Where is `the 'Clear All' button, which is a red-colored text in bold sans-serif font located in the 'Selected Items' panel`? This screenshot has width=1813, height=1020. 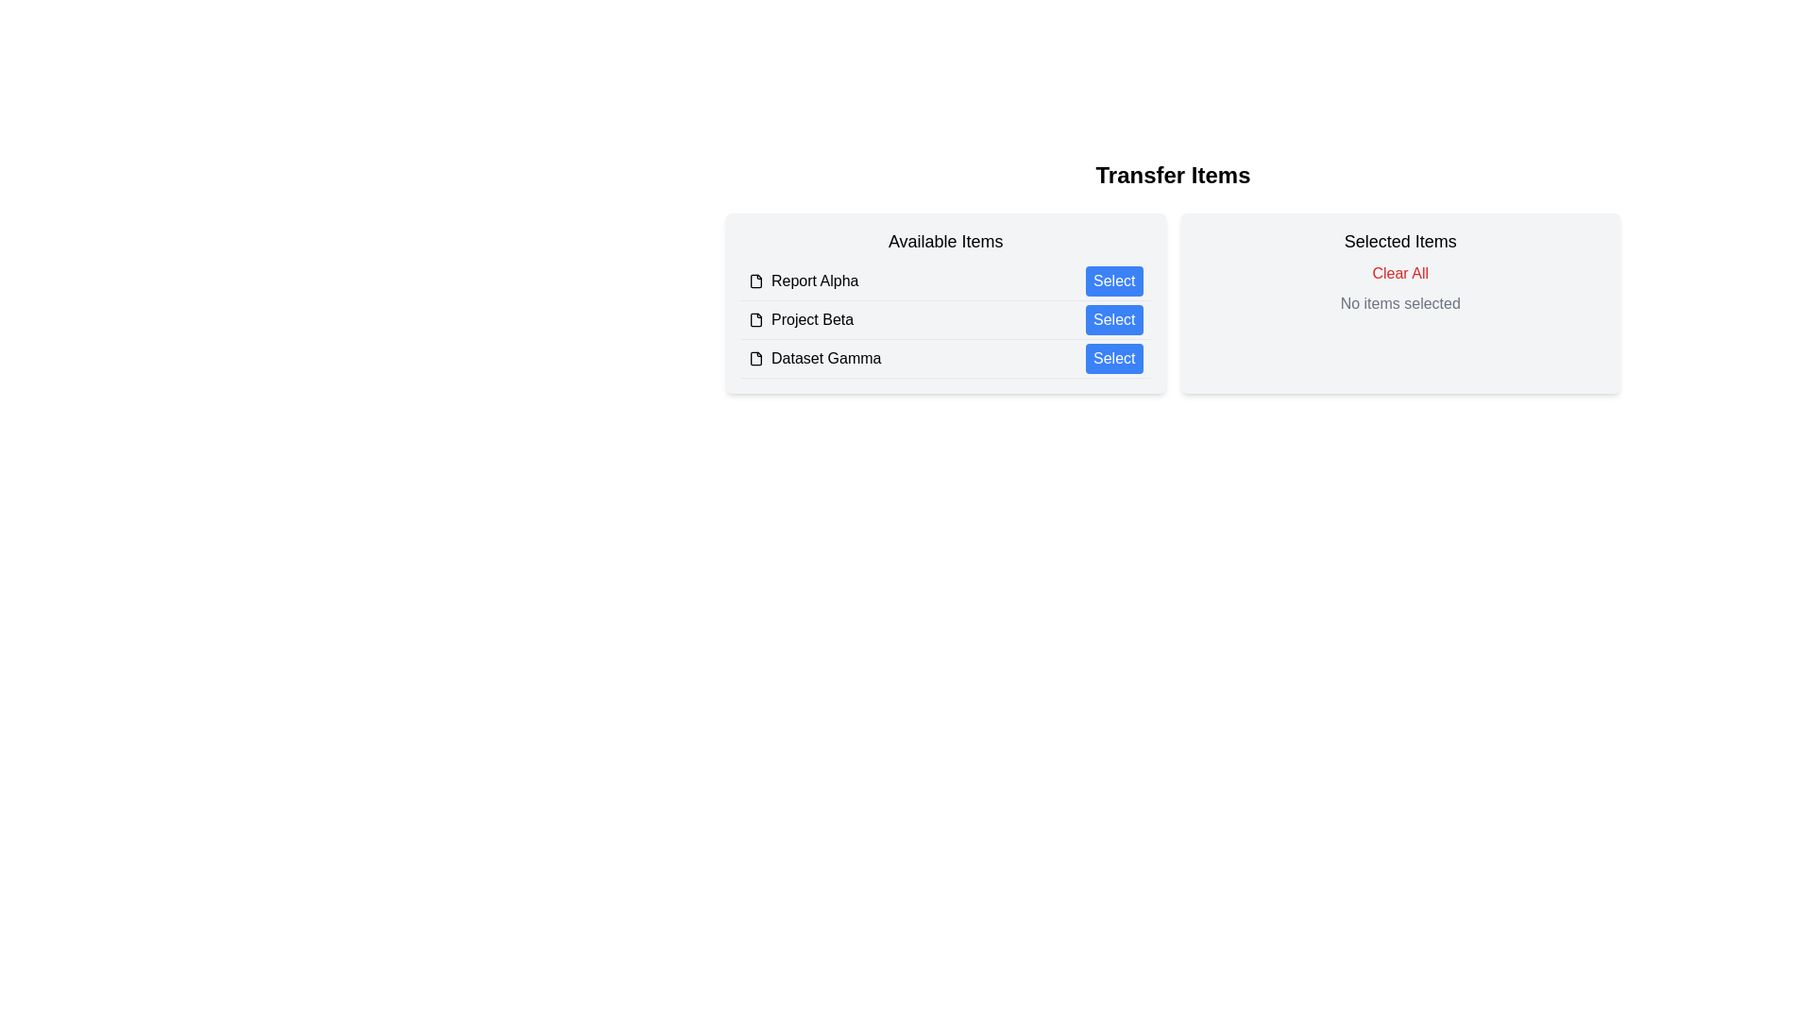 the 'Clear All' button, which is a red-colored text in bold sans-serif font located in the 'Selected Items' panel is located at coordinates (1400, 273).